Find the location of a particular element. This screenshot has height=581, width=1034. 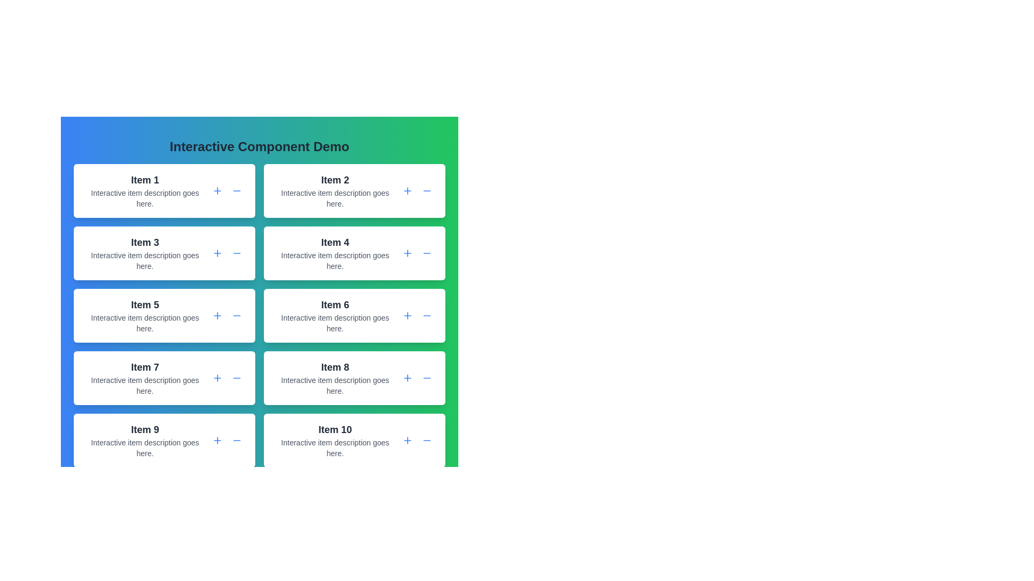

the text label that serves as the title of the eighth card in a two-column layout, located in the fourth row and right column is located at coordinates (334, 366).